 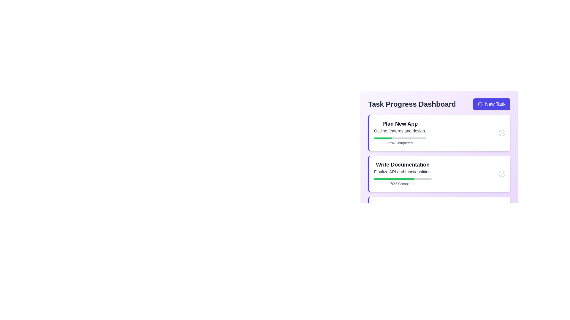 I want to click on the progress bar of the 'Write Documentation' task progress card, which is the second card in the 'Task Progress Dashboard', so click(x=439, y=173).